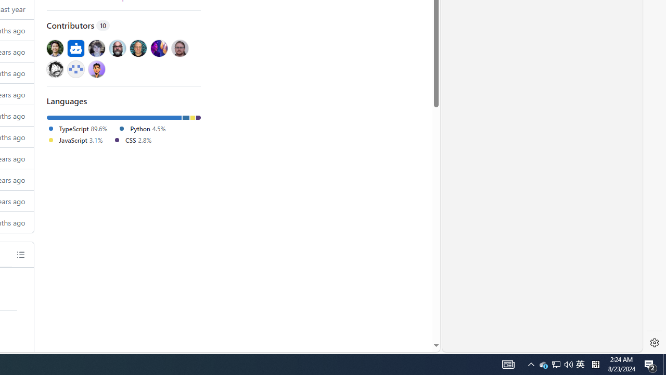 This screenshot has height=375, width=666. What do you see at coordinates (136, 141) in the screenshot?
I see `'CSS2.8%'` at bounding box center [136, 141].